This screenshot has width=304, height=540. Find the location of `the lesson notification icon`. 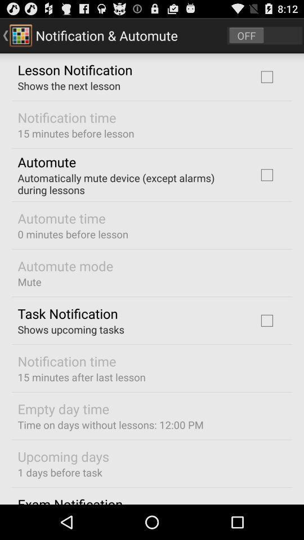

the lesson notification icon is located at coordinates (75, 69).